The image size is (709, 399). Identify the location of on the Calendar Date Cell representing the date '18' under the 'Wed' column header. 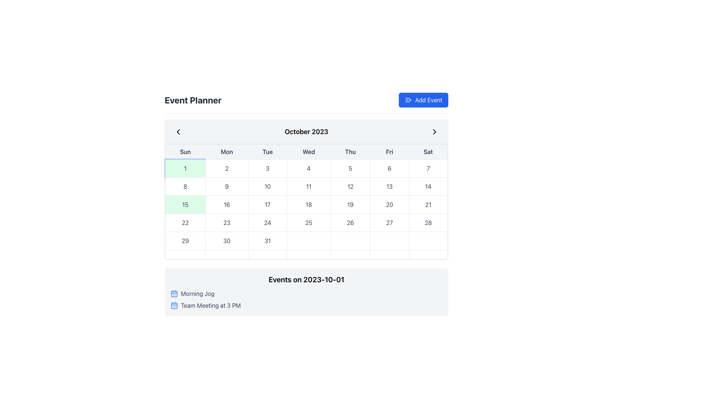
(306, 209).